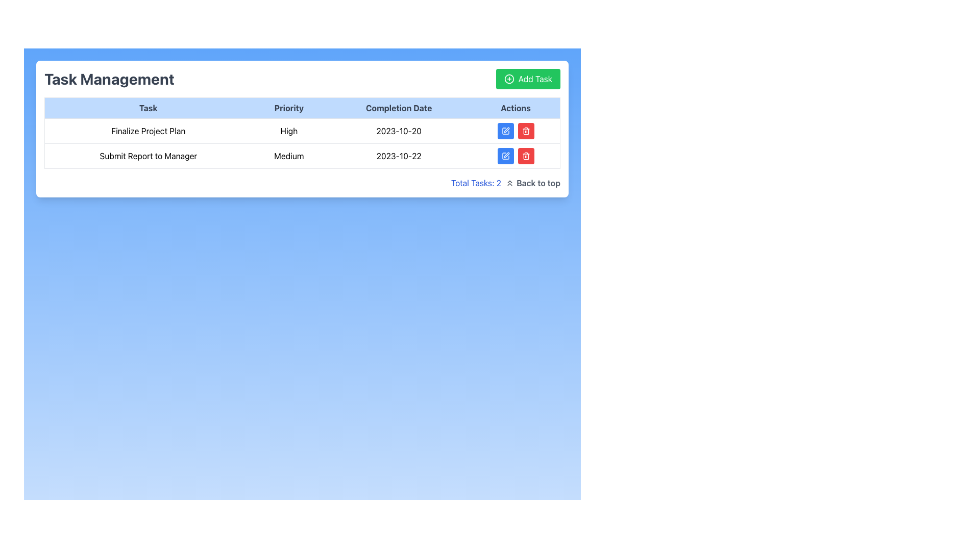 This screenshot has height=551, width=980. I want to click on the header label indicating dates of task completion, which is the third header in the table row, so click(398, 108).